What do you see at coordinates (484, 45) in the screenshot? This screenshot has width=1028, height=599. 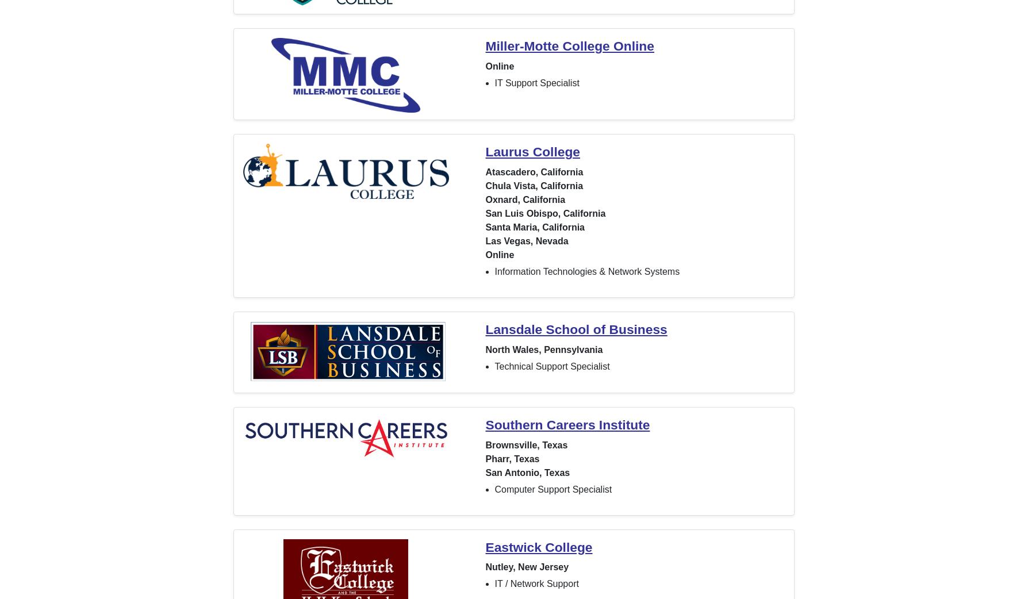 I see `'Miller-Motte College Online'` at bounding box center [484, 45].